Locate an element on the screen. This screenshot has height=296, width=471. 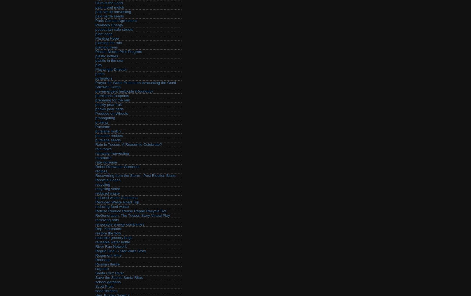
'play' is located at coordinates (95, 65).